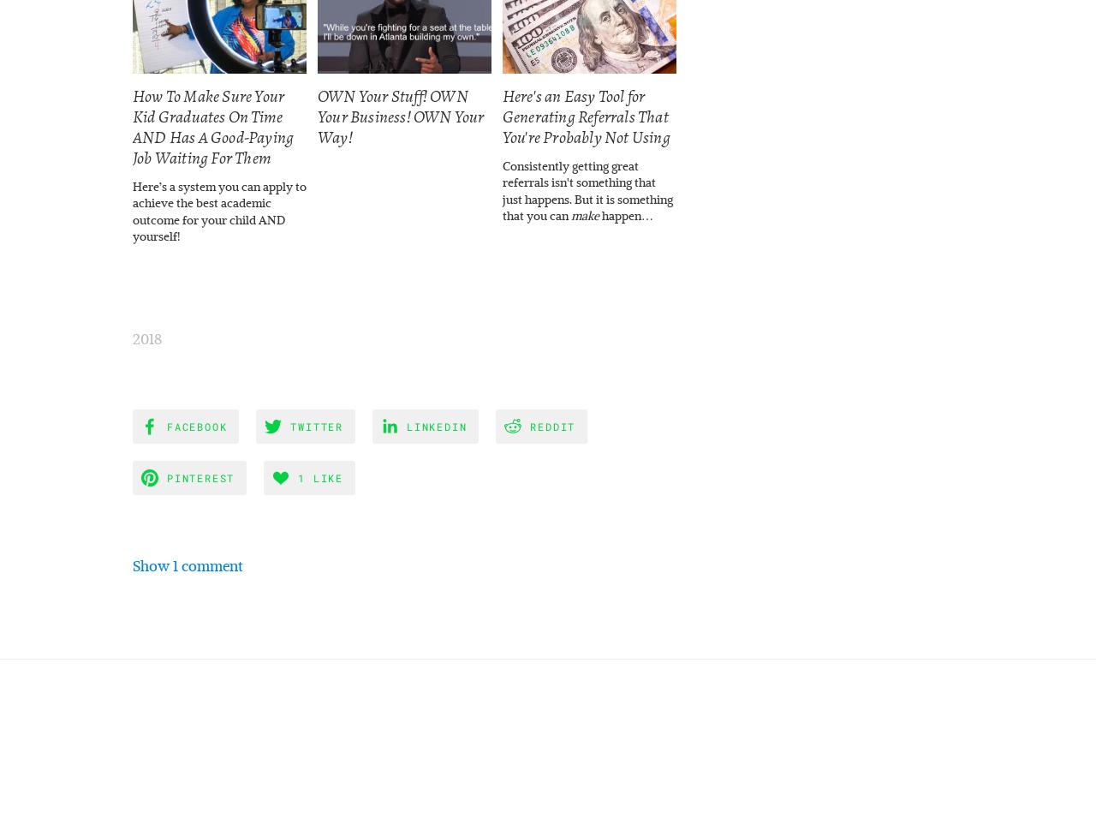  Describe the element at coordinates (758, 116) in the screenshot. I see `'How To Grow Your Business Through Strategic Partnerships'` at that location.